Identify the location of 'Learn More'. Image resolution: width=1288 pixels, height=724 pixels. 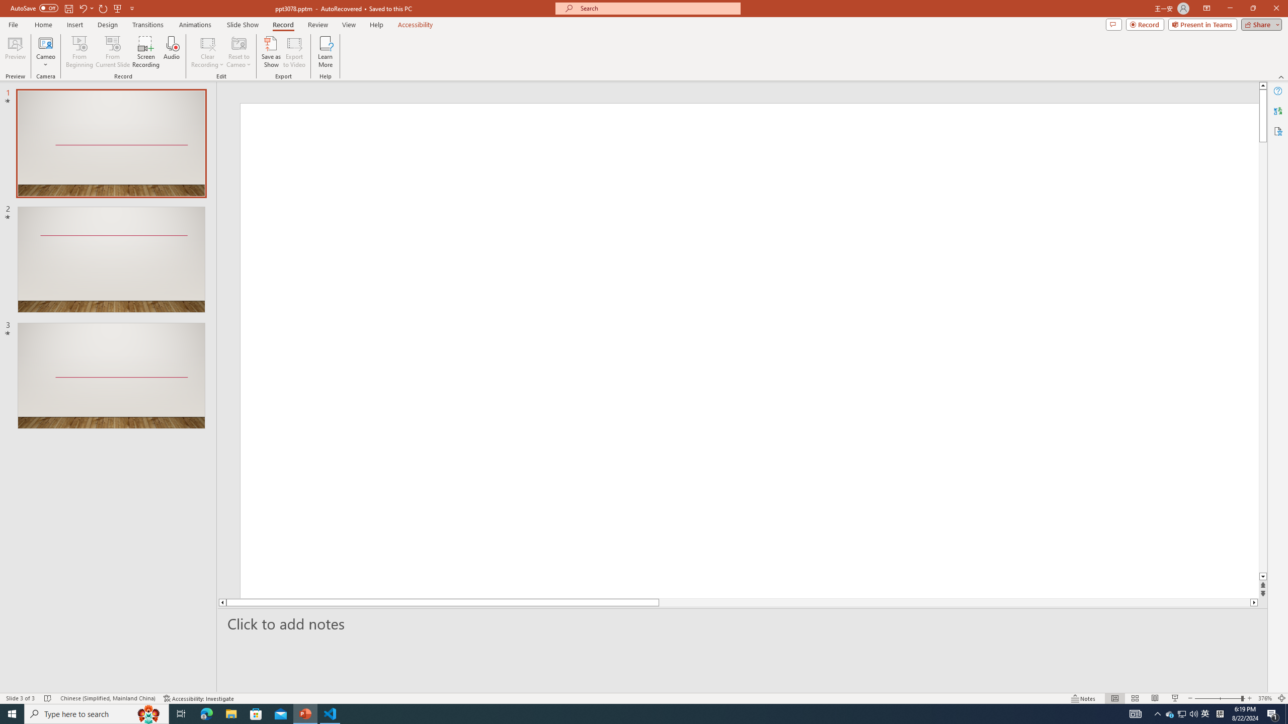
(326, 52).